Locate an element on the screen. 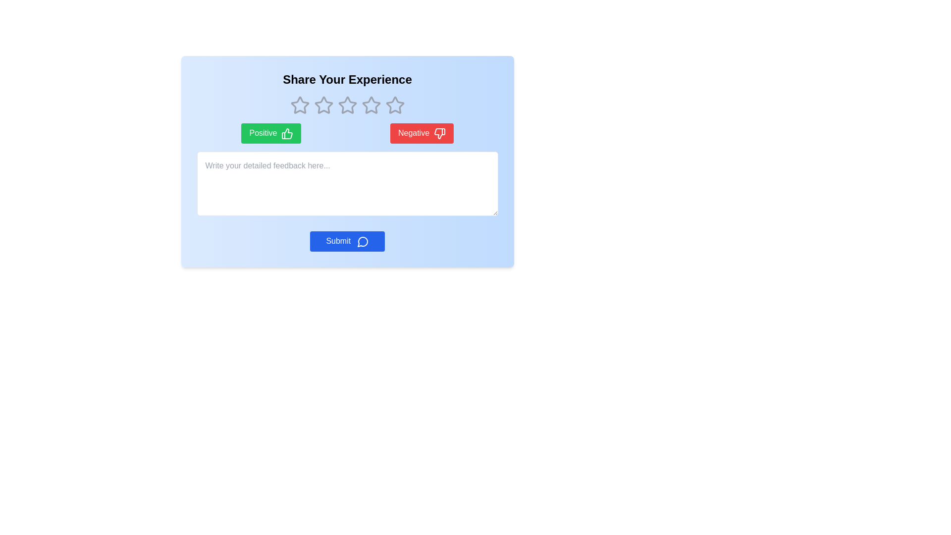 Image resolution: width=951 pixels, height=535 pixels. the fourth star icon is located at coordinates (347, 105).